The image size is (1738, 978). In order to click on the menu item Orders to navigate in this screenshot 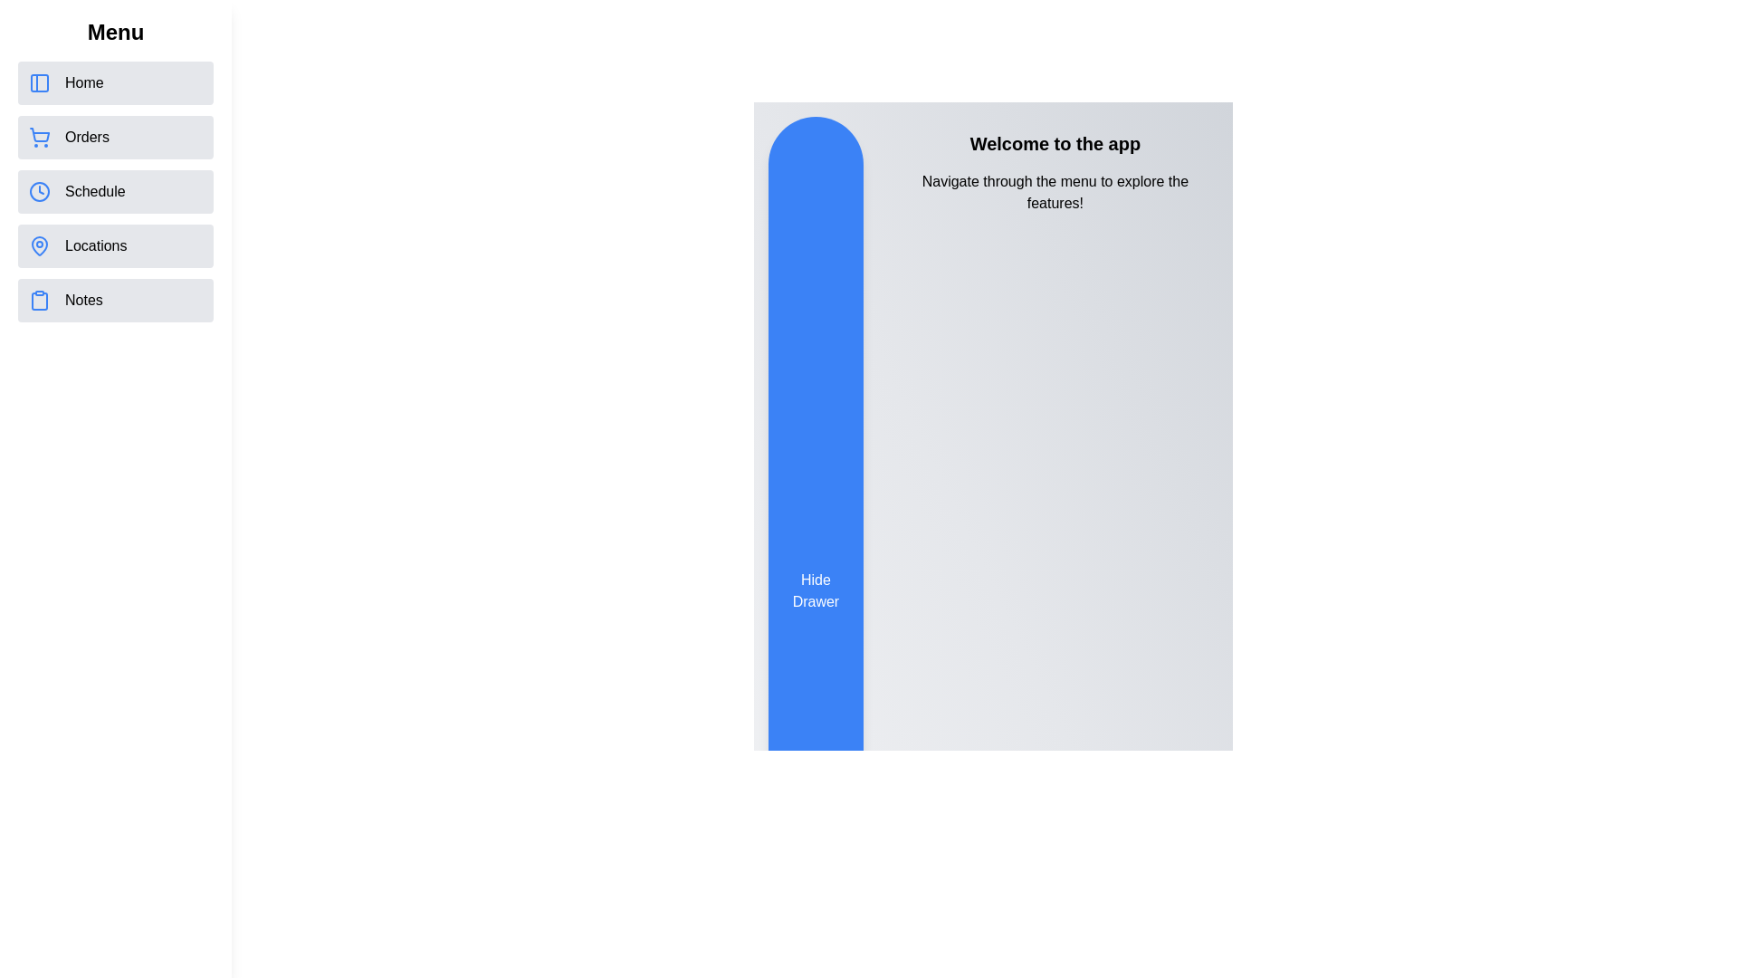, I will do `click(115, 136)`.